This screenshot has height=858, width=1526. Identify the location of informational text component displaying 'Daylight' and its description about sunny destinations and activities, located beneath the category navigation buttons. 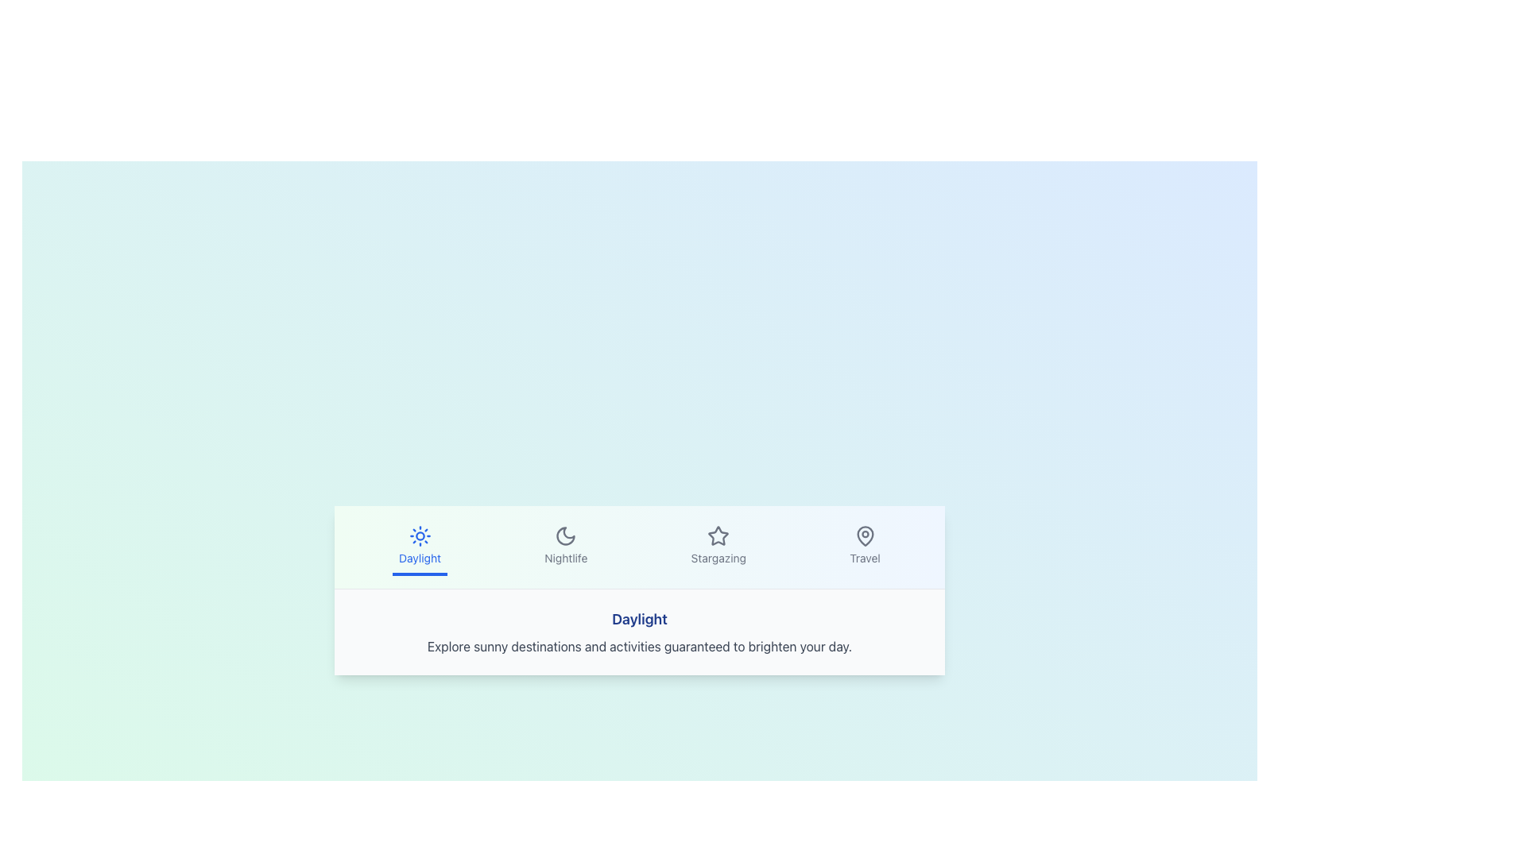
(640, 631).